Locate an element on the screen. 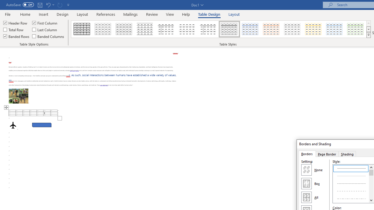  'Header Row' is located at coordinates (15, 22).